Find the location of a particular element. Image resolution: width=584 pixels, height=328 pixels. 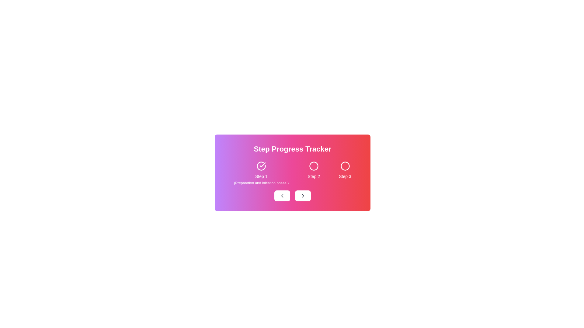

the status of the first Progress Tracker Item labeled 'Step 1', which includes a circular icon with a checkmark and explanatory text below it is located at coordinates (261, 173).